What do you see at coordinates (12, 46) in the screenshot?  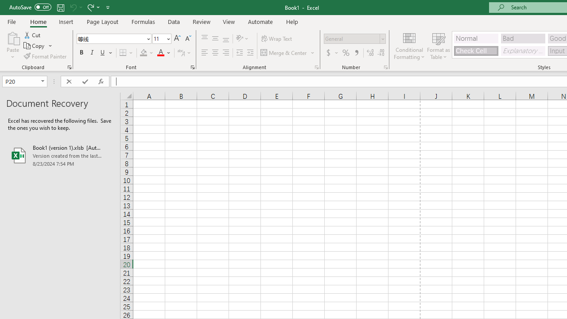 I see `'Paste'` at bounding box center [12, 46].